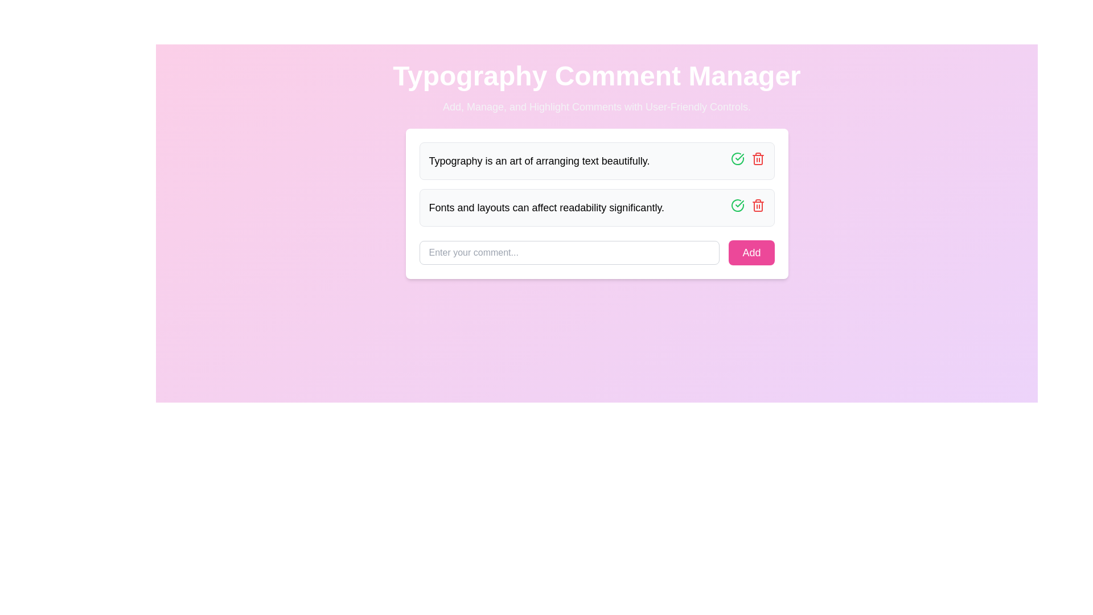 This screenshot has width=1093, height=615. Describe the element at coordinates (737, 206) in the screenshot. I see `the green circular progress indicator icon located on the right-hand side of the comment box adjacent to the text segment 'Typography is an art of arranging text beautifully.'` at that location.